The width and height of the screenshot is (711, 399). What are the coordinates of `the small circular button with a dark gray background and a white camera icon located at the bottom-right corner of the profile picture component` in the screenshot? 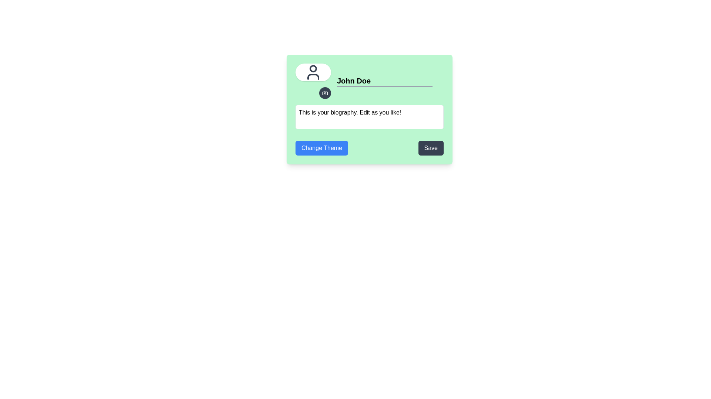 It's located at (325, 92).